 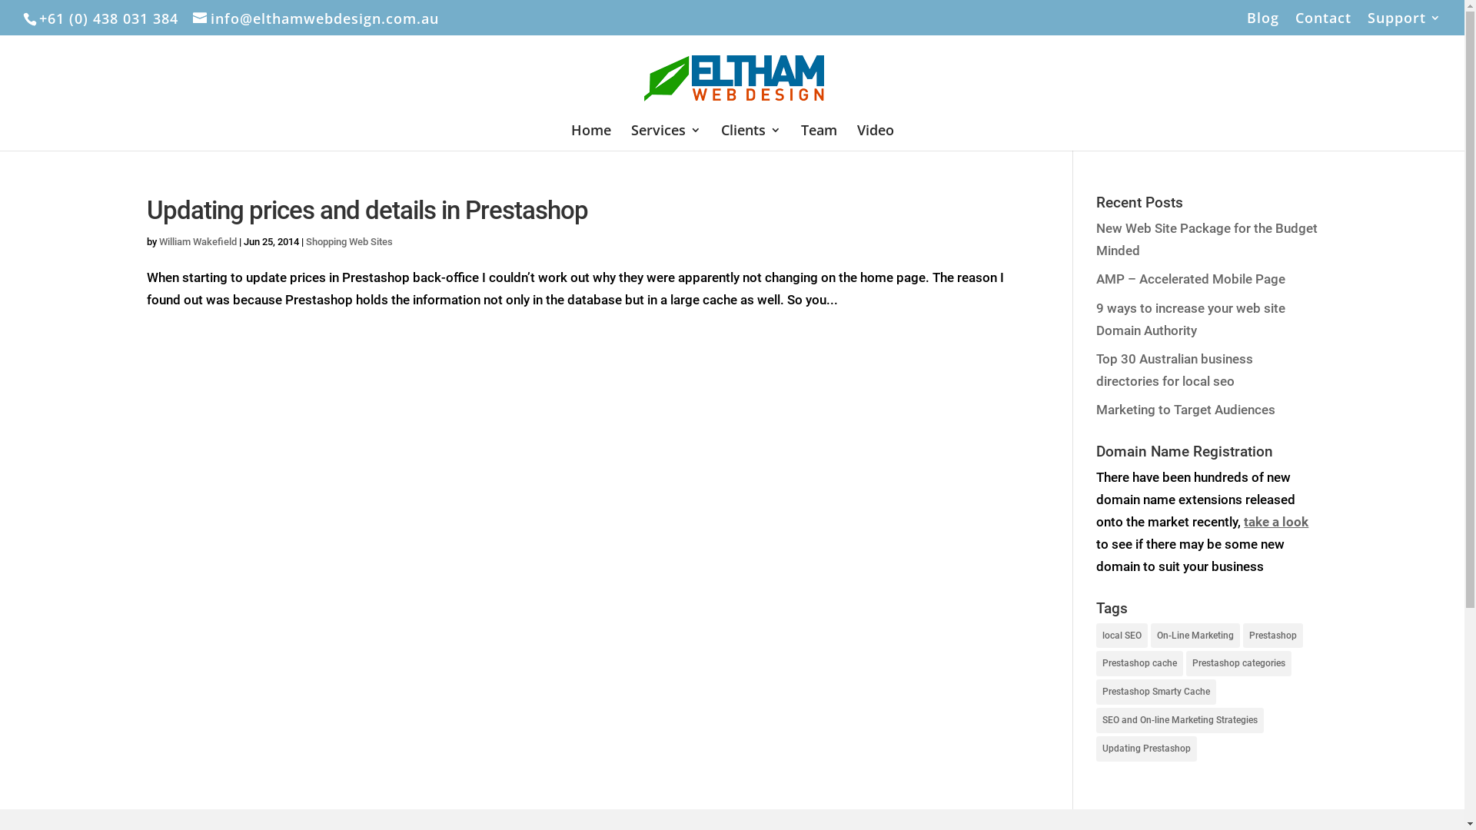 What do you see at coordinates (1238, 662) in the screenshot?
I see `'Prestashop categories'` at bounding box center [1238, 662].